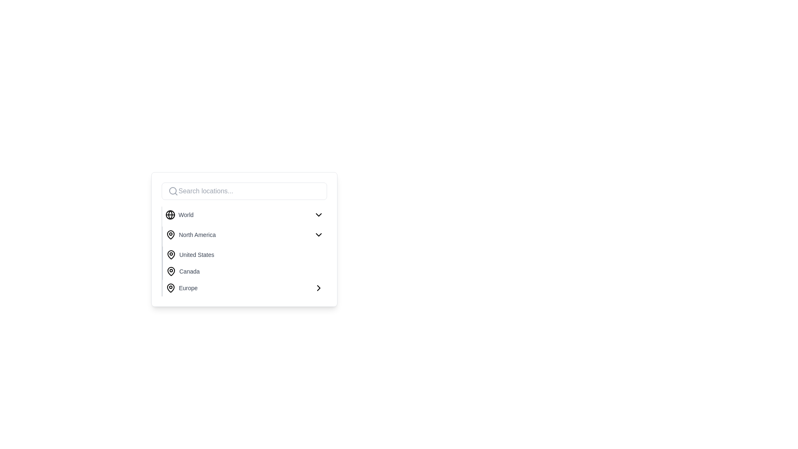  What do you see at coordinates (170, 214) in the screenshot?
I see `the globe icon with a black outline located to the left of the text 'World' in the dropdown menu, which represents global connectivity` at bounding box center [170, 214].